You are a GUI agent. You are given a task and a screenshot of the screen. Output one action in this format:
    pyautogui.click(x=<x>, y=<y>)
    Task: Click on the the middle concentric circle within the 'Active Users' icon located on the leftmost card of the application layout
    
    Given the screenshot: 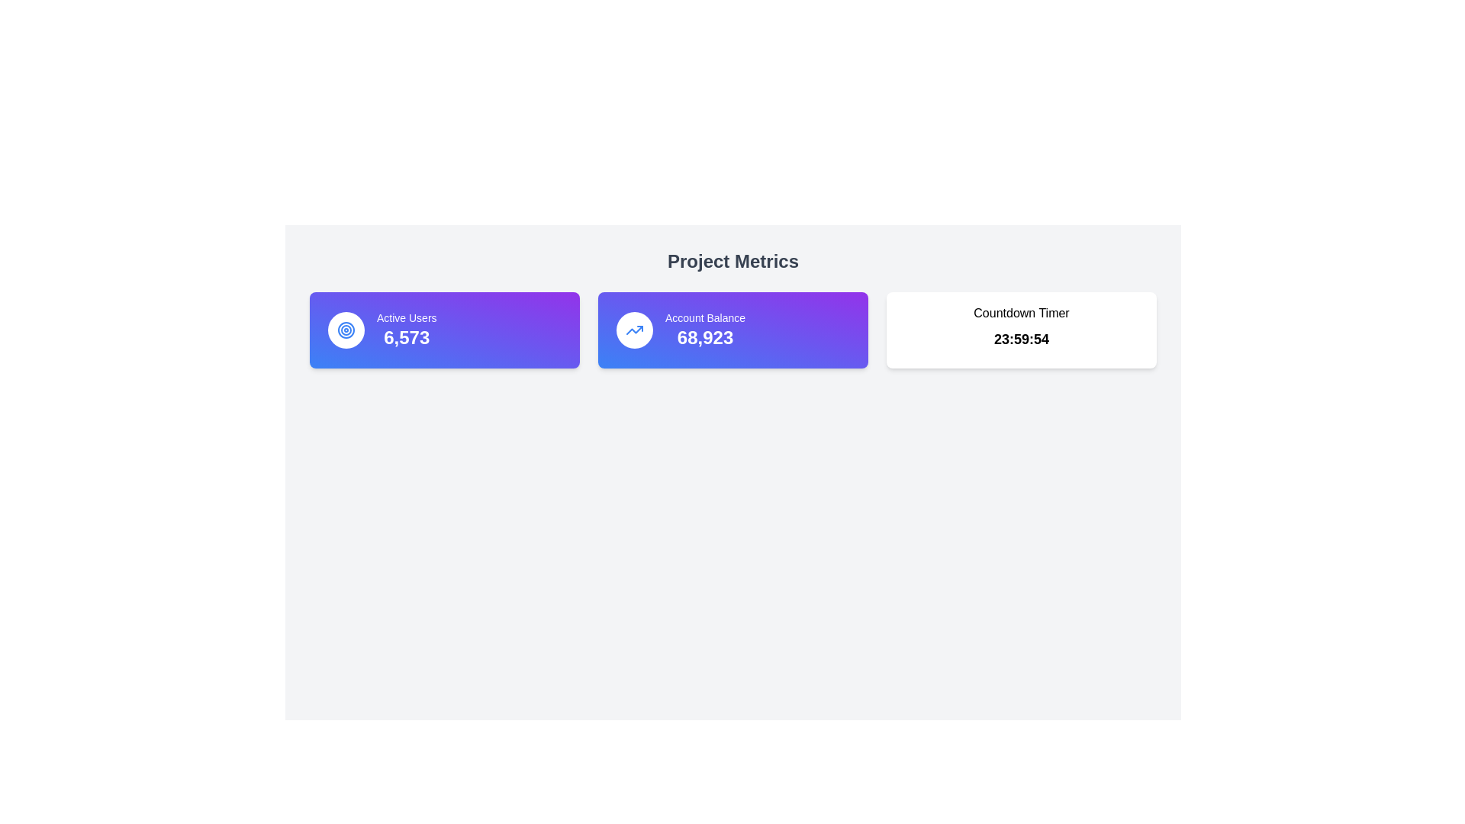 What is the action you would take?
    pyautogui.click(x=346, y=329)
    